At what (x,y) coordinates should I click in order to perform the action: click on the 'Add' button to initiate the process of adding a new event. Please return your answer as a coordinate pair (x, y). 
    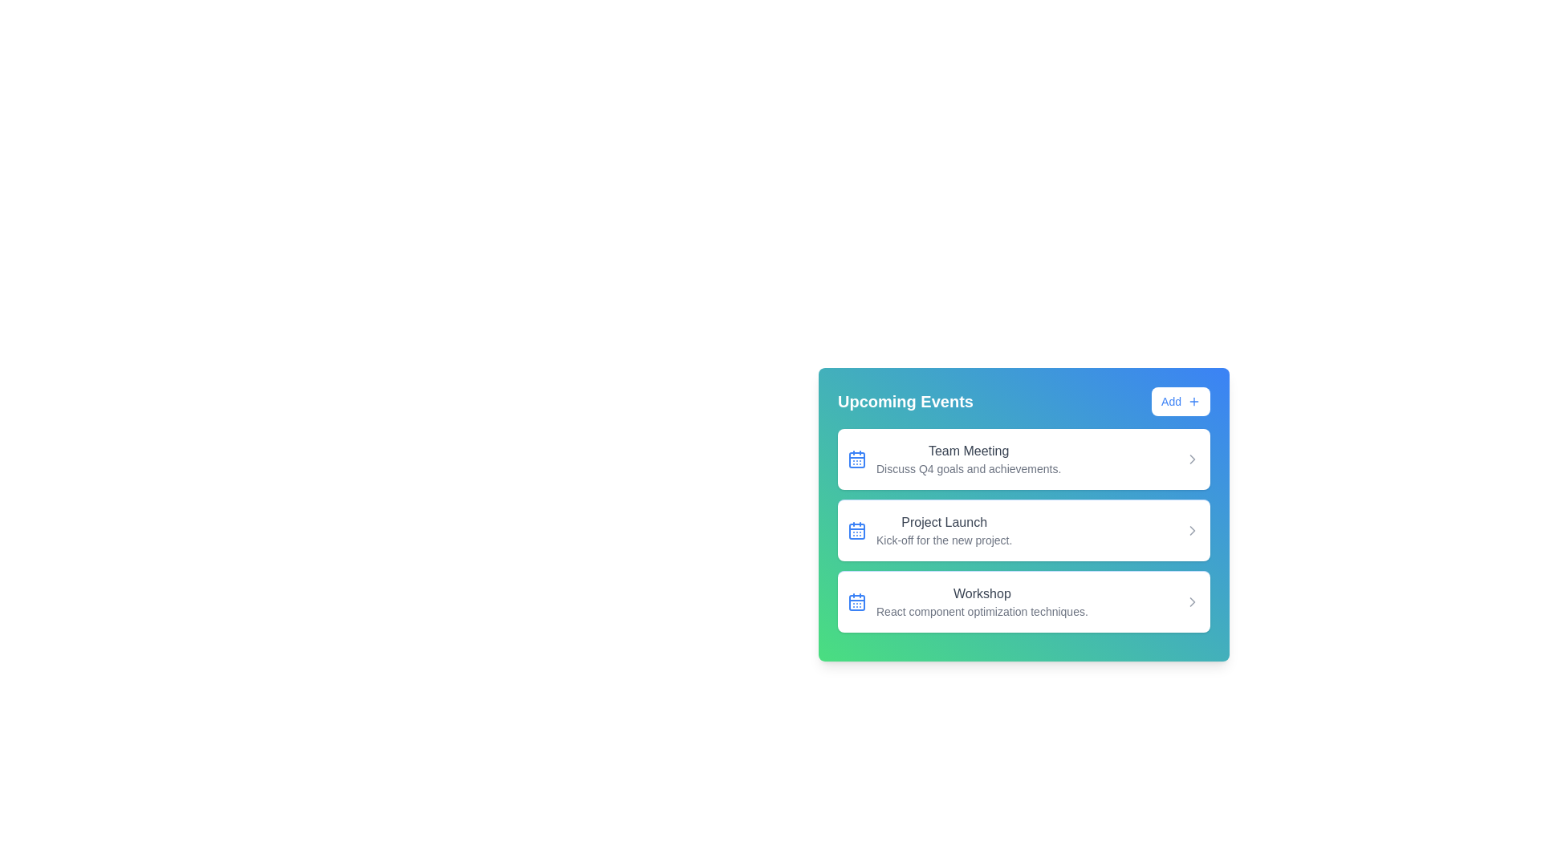
    Looking at the image, I should click on (1181, 401).